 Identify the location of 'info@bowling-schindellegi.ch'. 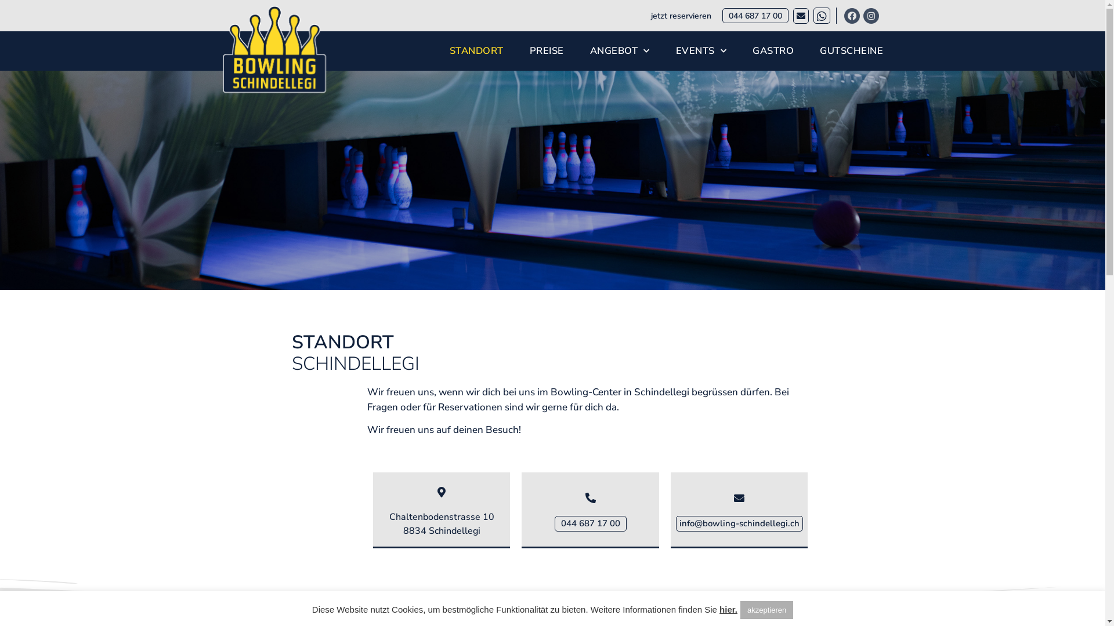
(676, 523).